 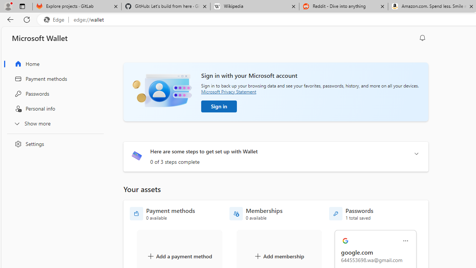 What do you see at coordinates (53, 123) in the screenshot?
I see `'Show more'` at bounding box center [53, 123].